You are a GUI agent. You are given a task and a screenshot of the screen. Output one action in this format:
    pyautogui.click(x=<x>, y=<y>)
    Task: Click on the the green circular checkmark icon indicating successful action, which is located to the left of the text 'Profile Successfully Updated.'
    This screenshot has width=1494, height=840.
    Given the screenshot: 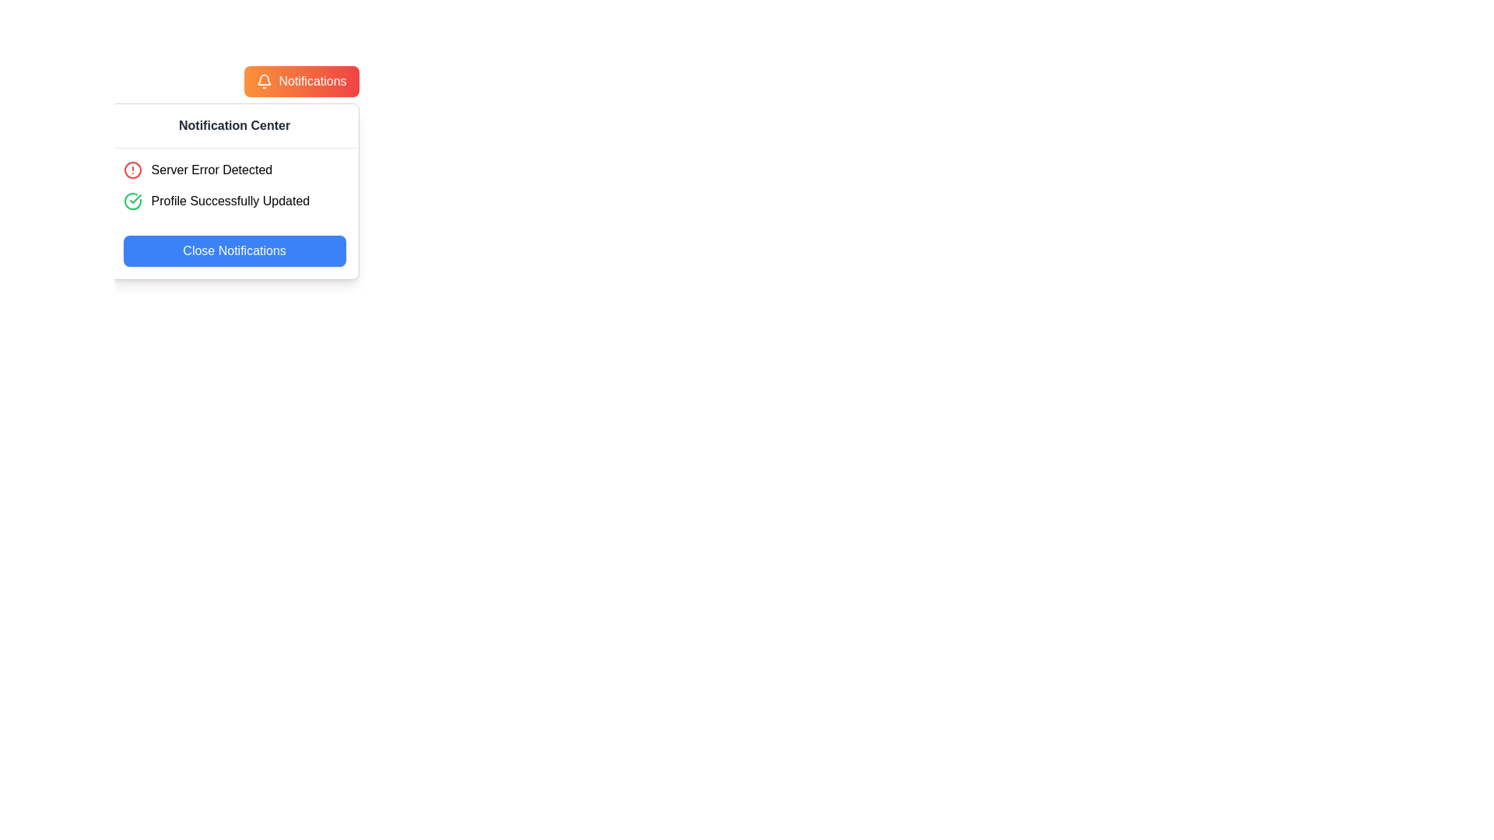 What is the action you would take?
    pyautogui.click(x=132, y=200)
    